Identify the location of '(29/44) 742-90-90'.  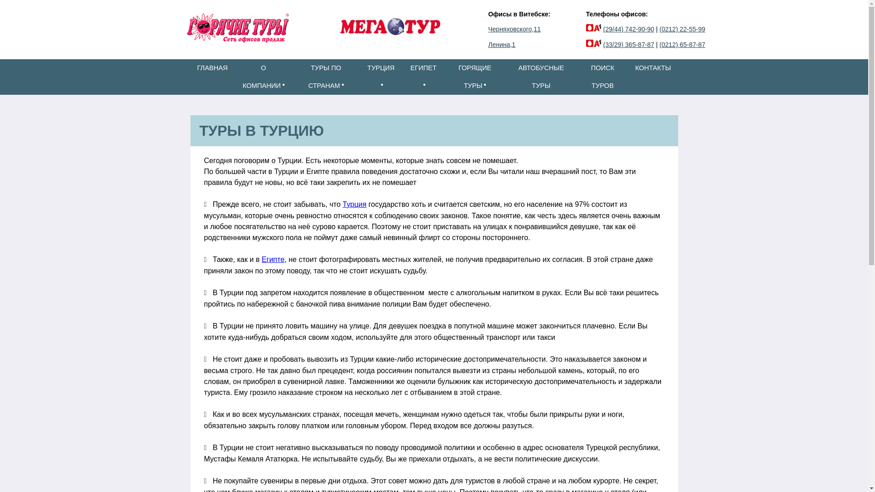
(628, 29).